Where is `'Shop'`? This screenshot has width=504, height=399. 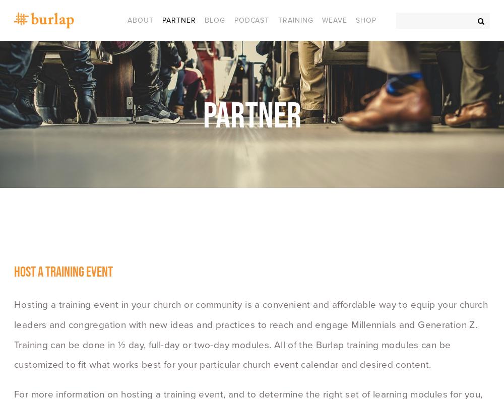 'Shop' is located at coordinates (355, 19).